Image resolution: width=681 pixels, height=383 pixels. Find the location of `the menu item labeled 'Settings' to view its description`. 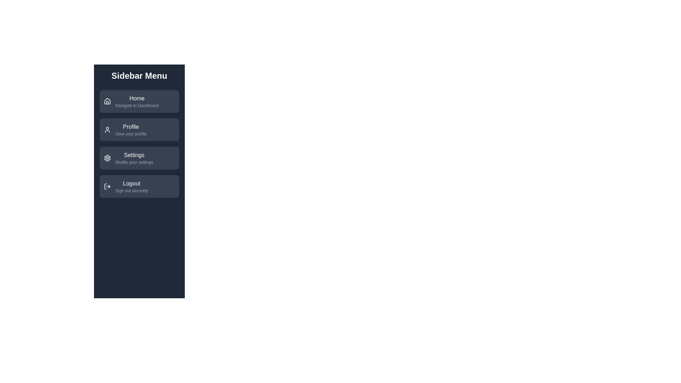

the menu item labeled 'Settings' to view its description is located at coordinates (139, 158).